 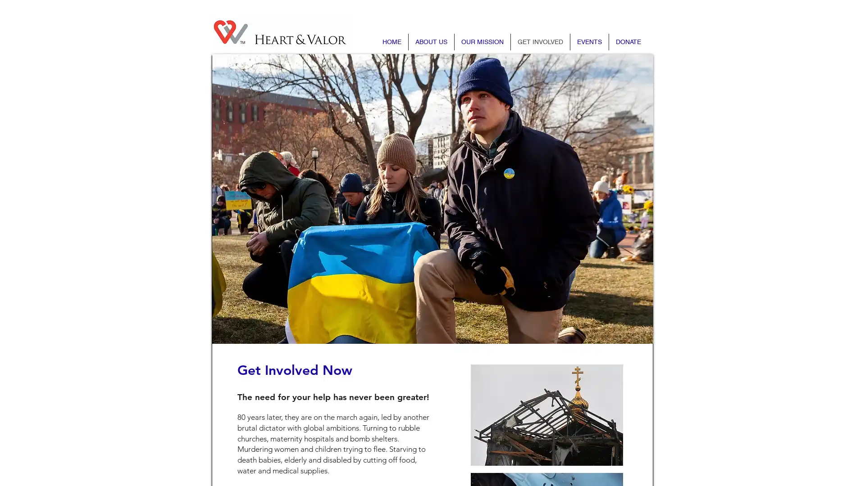 What do you see at coordinates (244, 198) in the screenshot?
I see `Previous` at bounding box center [244, 198].